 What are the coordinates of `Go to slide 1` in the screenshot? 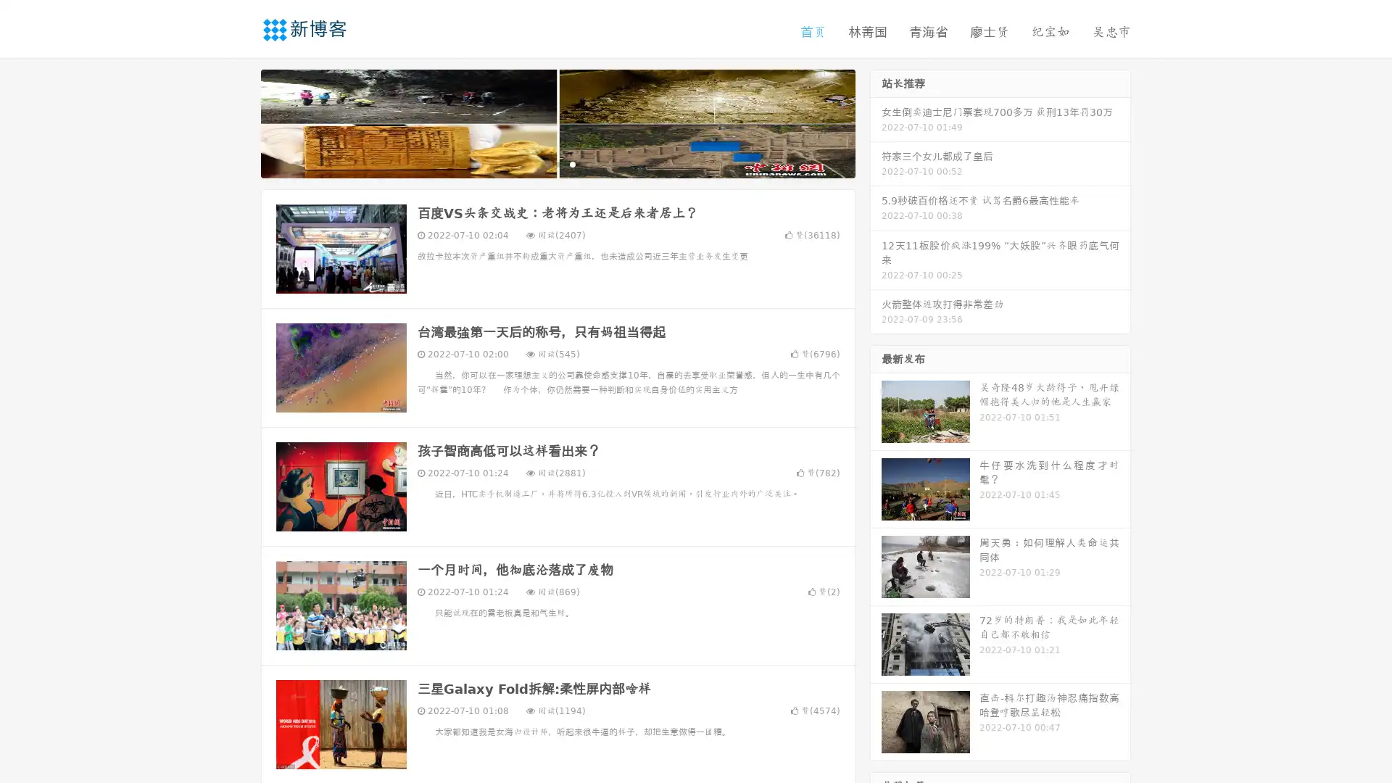 It's located at (542, 163).